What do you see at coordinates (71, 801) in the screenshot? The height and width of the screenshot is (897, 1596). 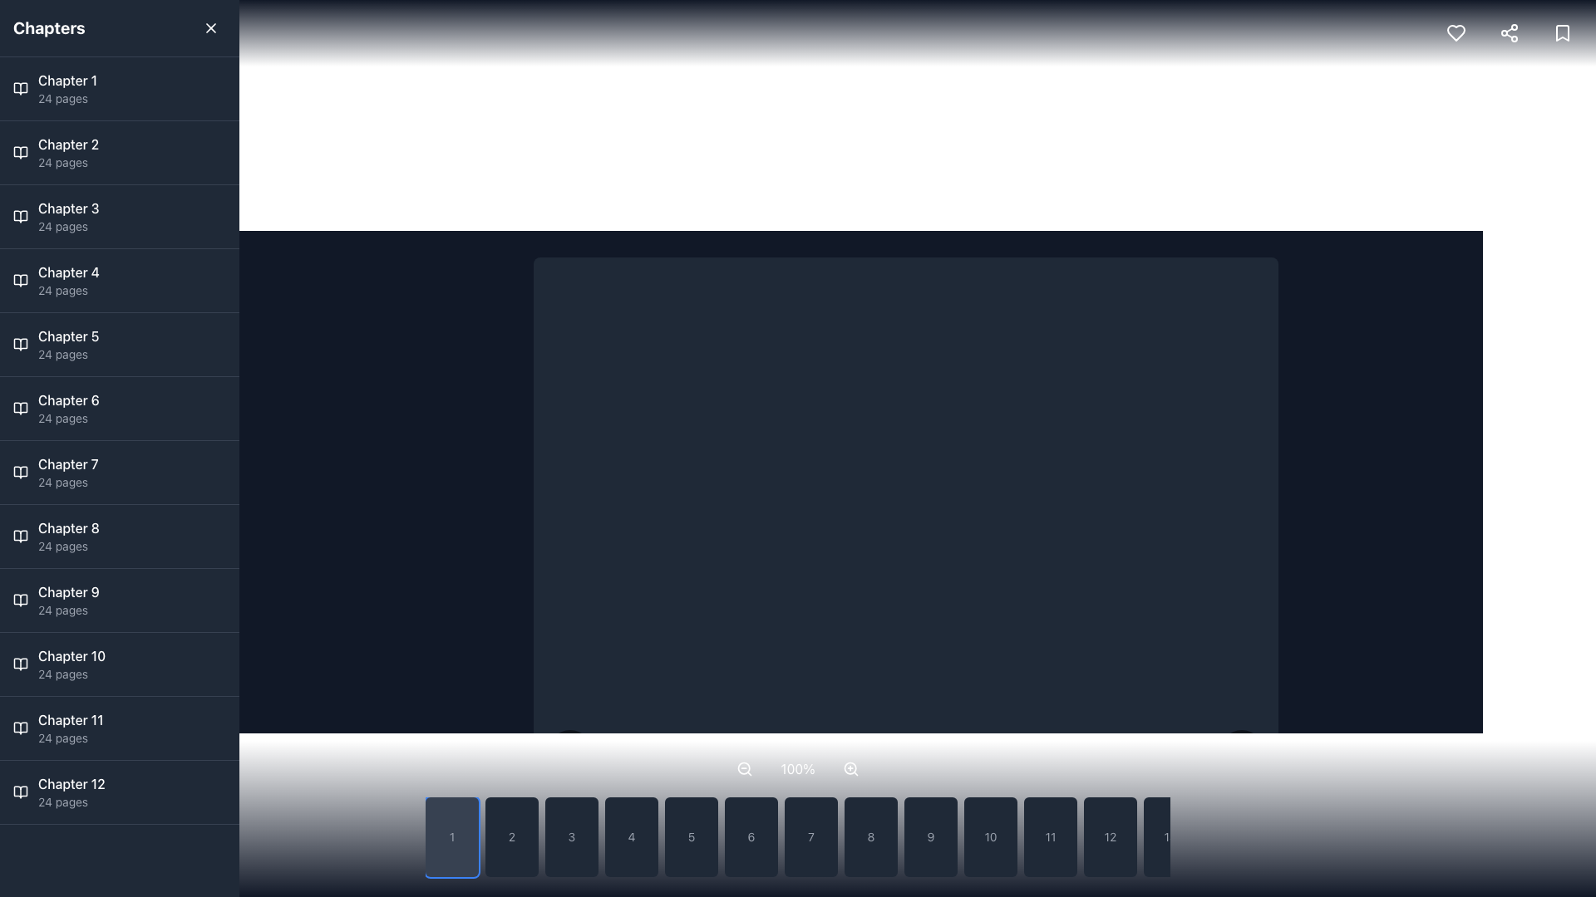 I see `the text label displaying '24 pages' located in the left sidebar under 'Chapter 12'` at bounding box center [71, 801].